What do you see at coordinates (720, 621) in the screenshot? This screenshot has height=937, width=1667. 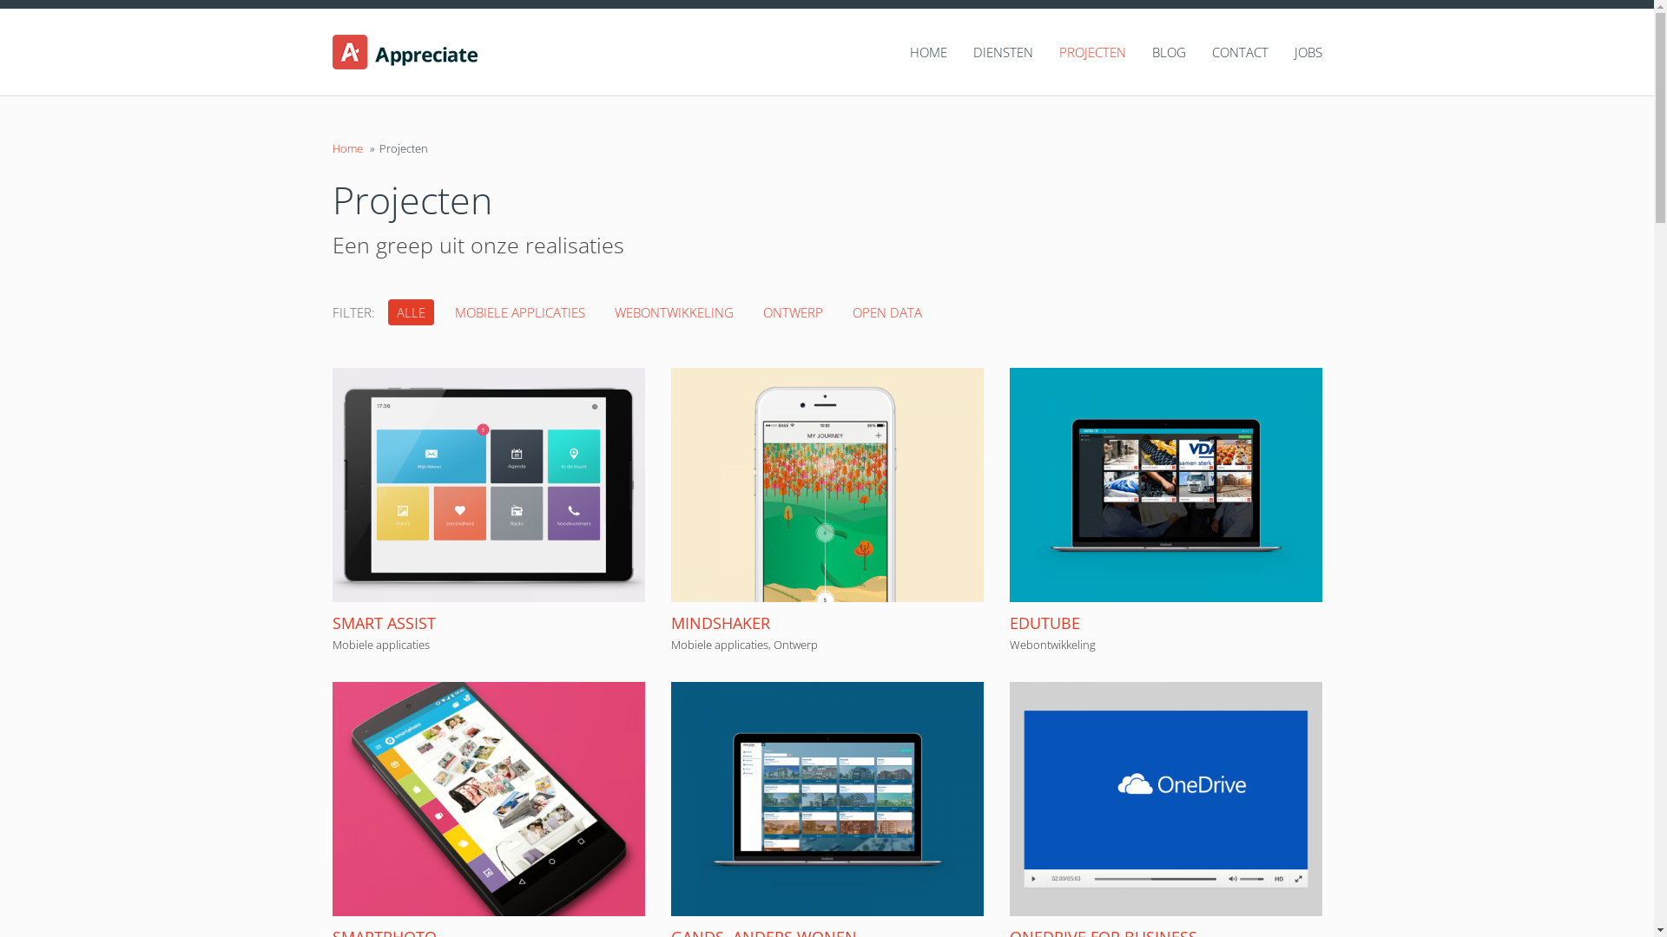 I see `'MINDSHAKER'` at bounding box center [720, 621].